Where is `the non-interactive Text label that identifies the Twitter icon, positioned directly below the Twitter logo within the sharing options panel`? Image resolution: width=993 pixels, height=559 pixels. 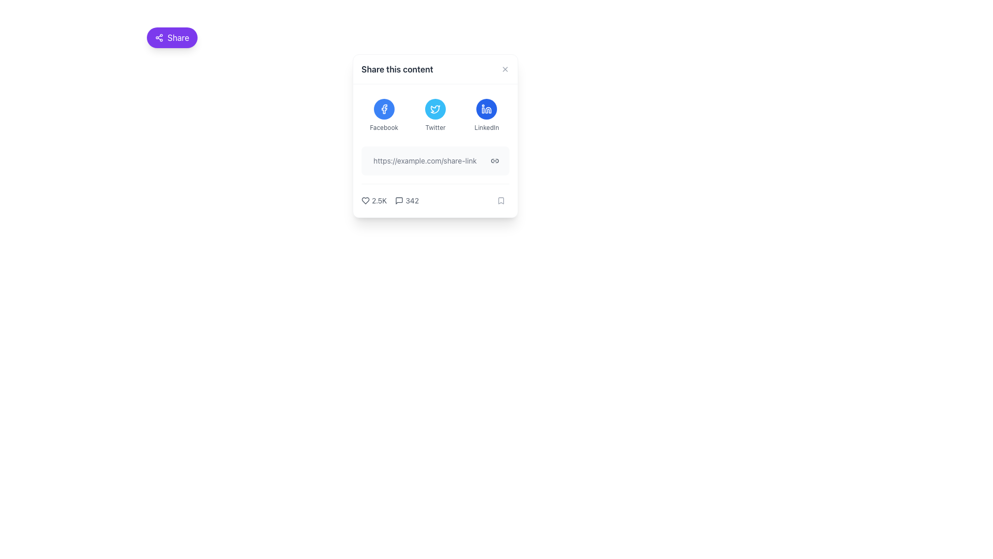 the non-interactive Text label that identifies the Twitter icon, positioned directly below the Twitter logo within the sharing options panel is located at coordinates (435, 127).